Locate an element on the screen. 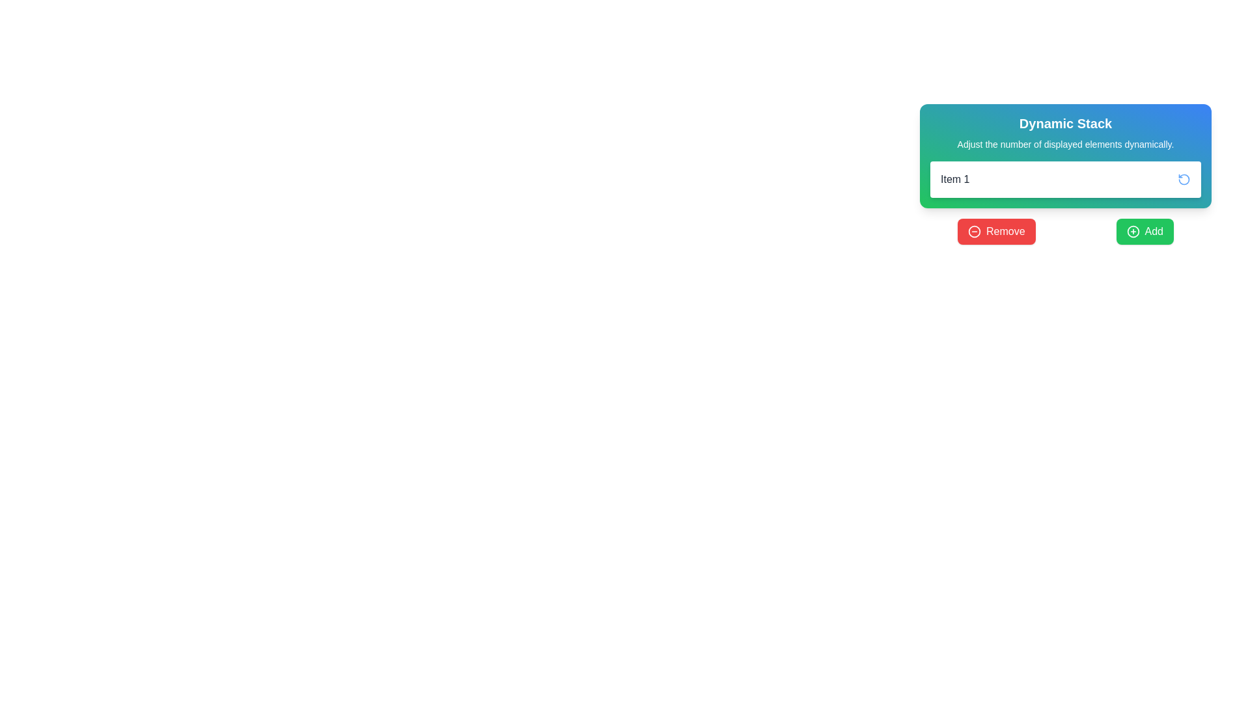 This screenshot has height=703, width=1250. the 'Remove' button with a bright red background and white text is located at coordinates (995, 230).